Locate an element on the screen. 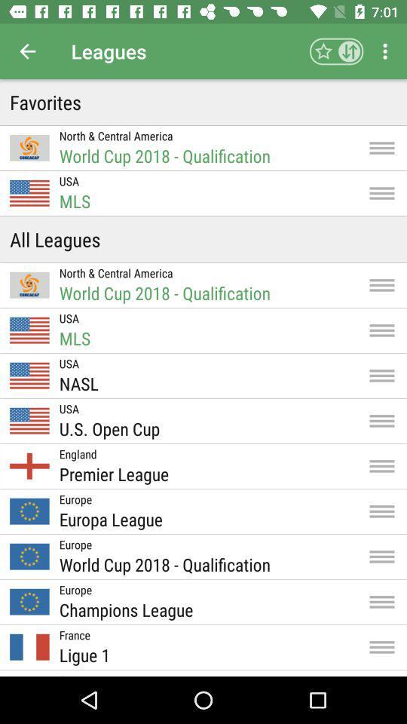 The width and height of the screenshot is (407, 724). the first image below all leagues is located at coordinates (29, 284).